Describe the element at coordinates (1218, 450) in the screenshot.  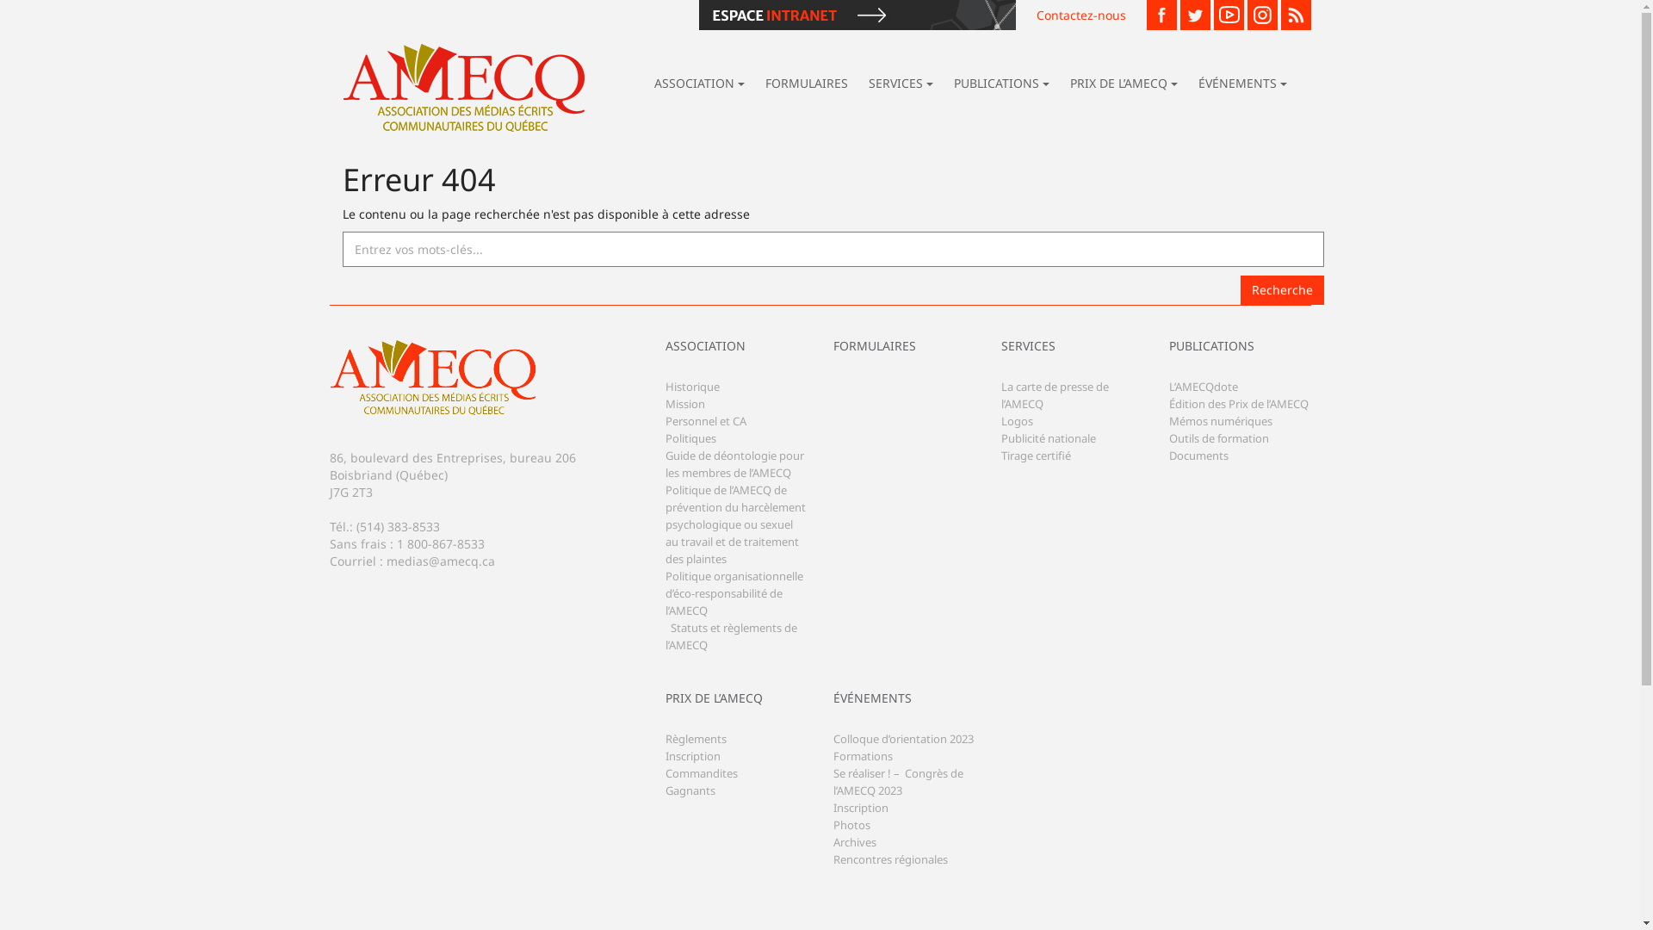
I see `'Outils de formation'` at that location.